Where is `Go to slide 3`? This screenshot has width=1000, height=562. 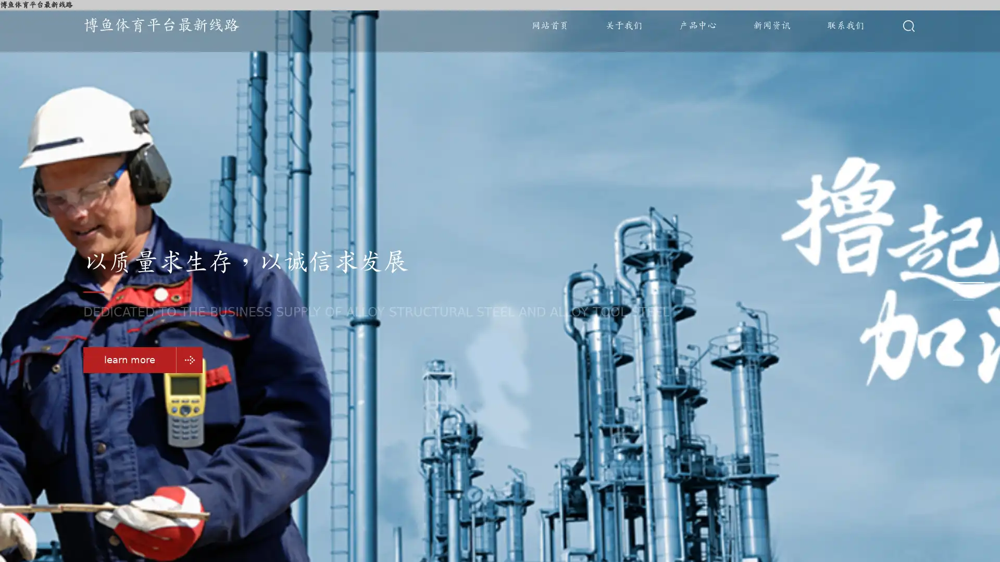
Go to slide 3 is located at coordinates (963, 300).